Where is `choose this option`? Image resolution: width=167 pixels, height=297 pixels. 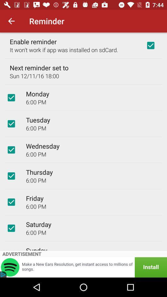
choose this option is located at coordinates (11, 123).